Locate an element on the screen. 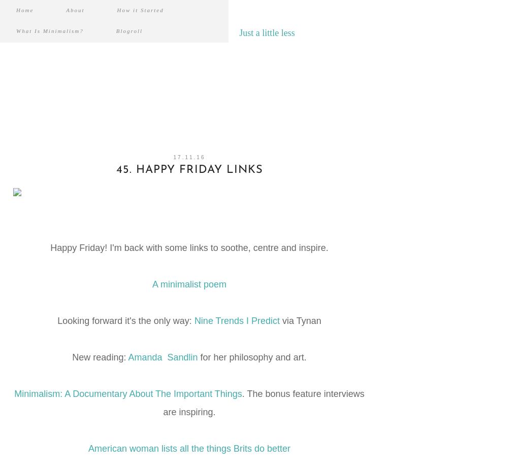 The height and width of the screenshot is (474, 522). '. The bonus feature interviews are inspiring.' is located at coordinates (264, 403).